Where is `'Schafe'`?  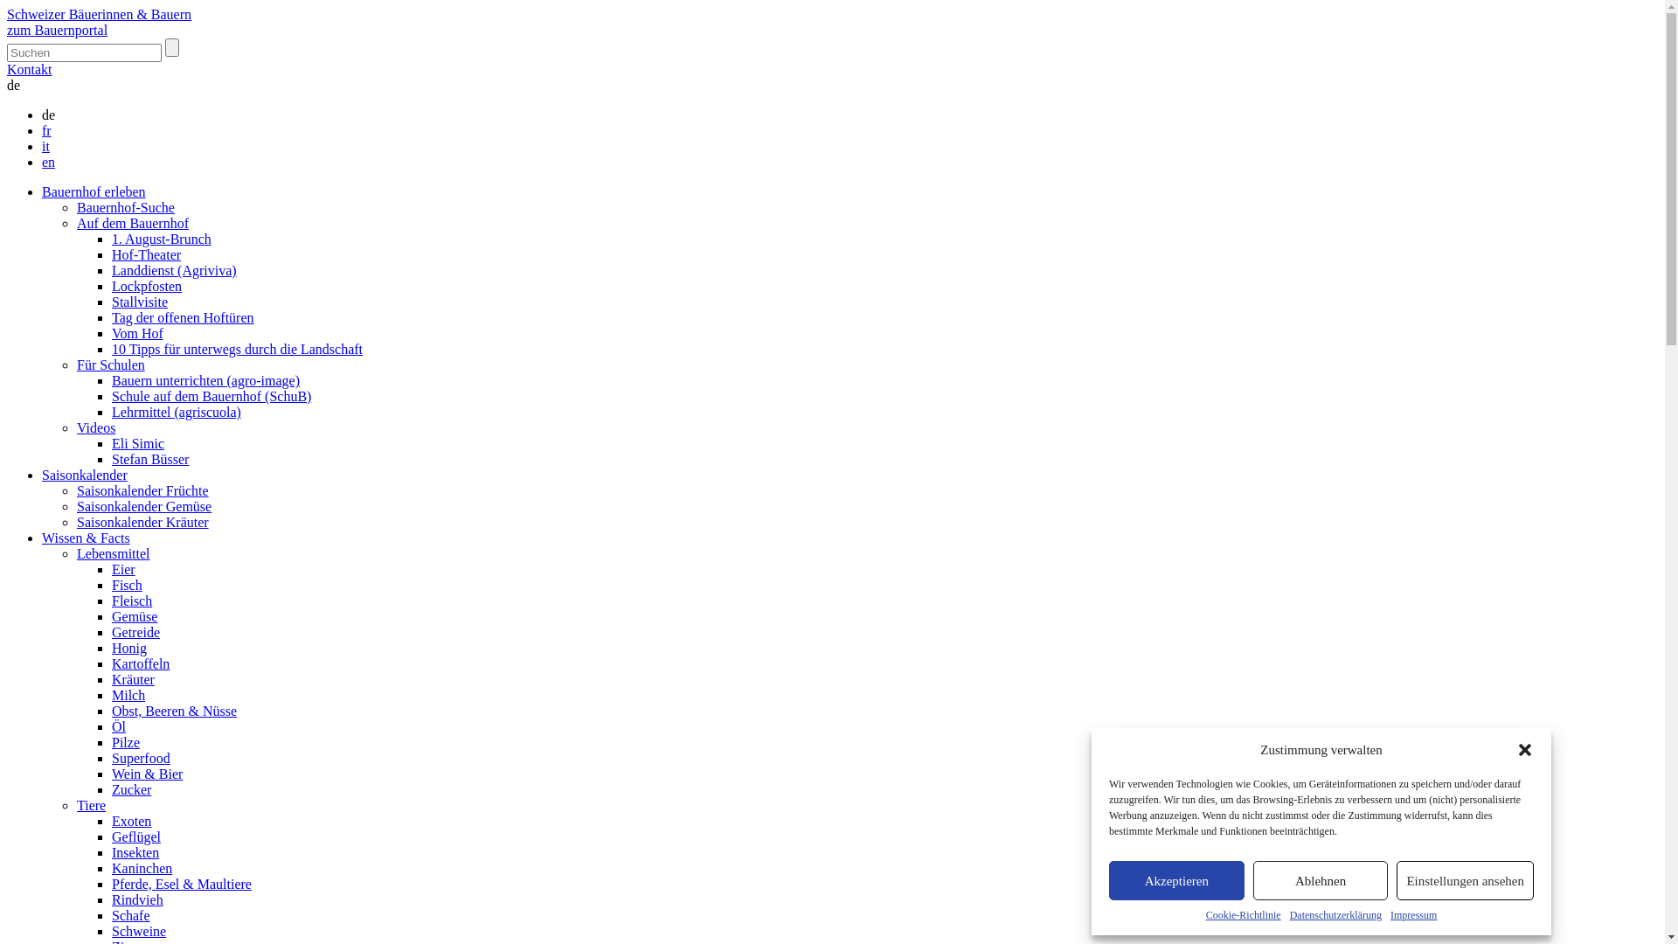
'Schafe' is located at coordinates (129, 914).